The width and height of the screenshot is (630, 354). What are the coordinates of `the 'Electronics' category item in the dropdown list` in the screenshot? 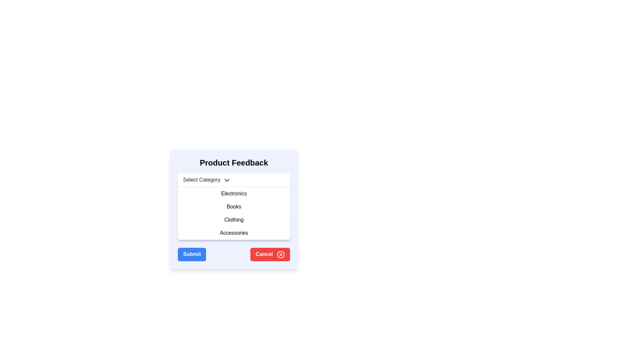 It's located at (234, 193).